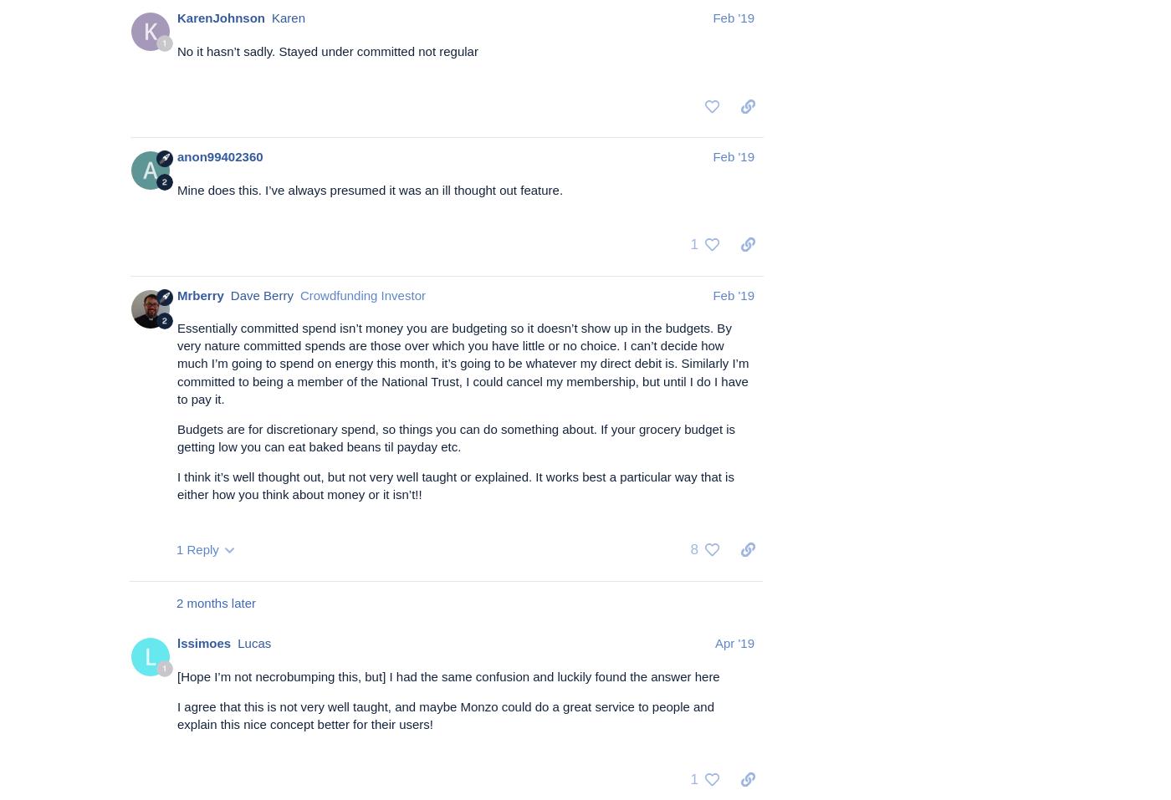 The image size is (1171, 800). What do you see at coordinates (253, 642) in the screenshot?
I see `'Lucas'` at bounding box center [253, 642].